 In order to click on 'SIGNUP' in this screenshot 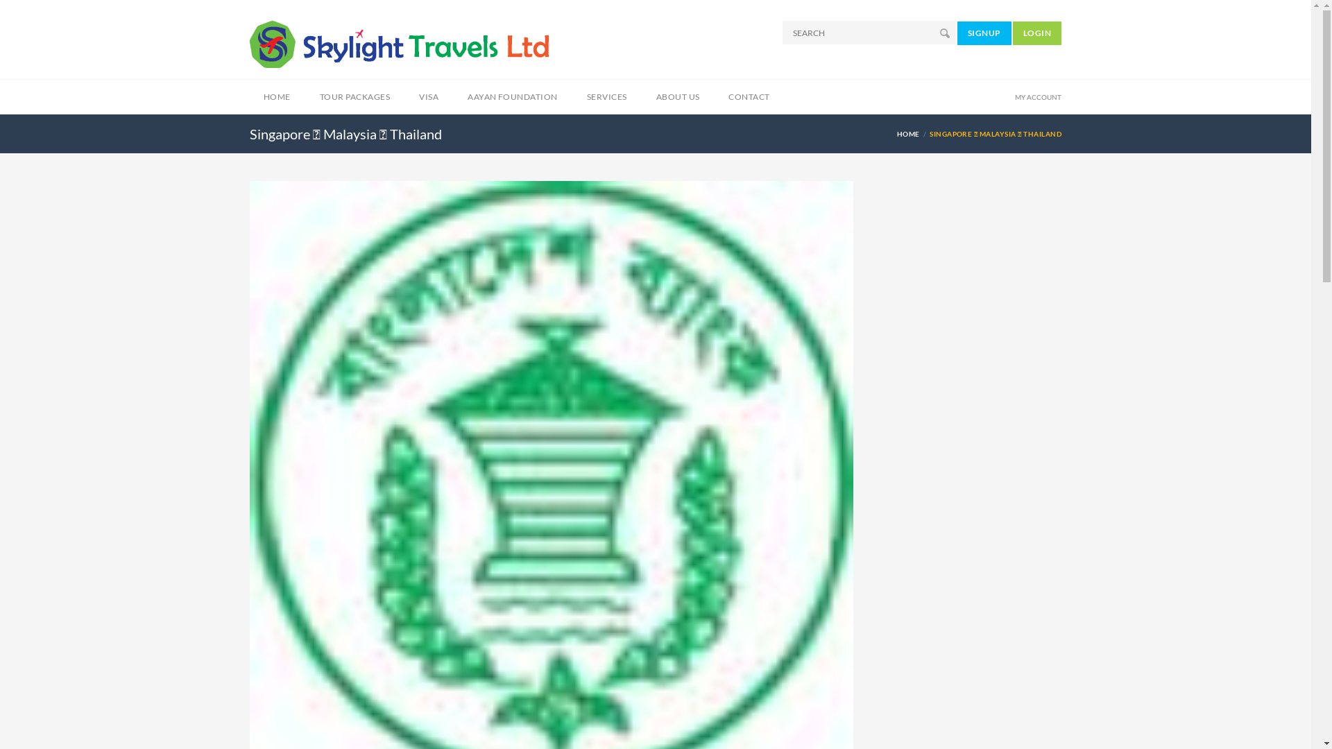, I will do `click(984, 31)`.